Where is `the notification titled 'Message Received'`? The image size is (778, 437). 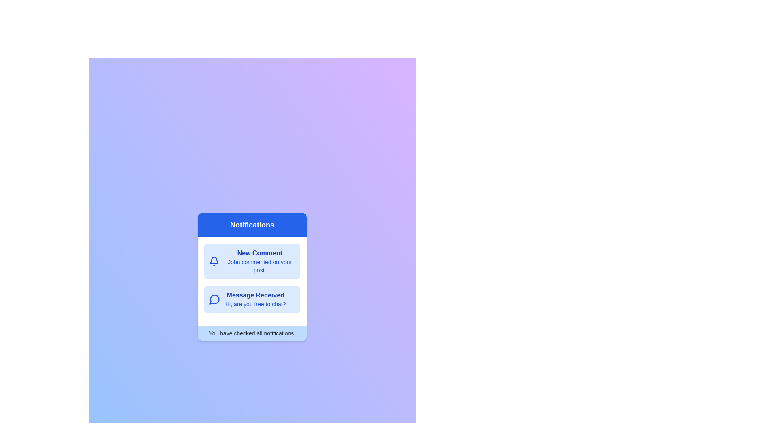 the notification titled 'Message Received' is located at coordinates (252, 299).